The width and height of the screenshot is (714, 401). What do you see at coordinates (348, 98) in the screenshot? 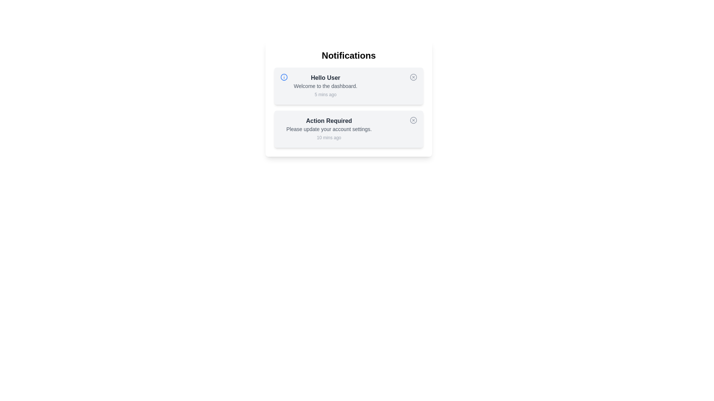
I see `the notification center element` at bounding box center [348, 98].